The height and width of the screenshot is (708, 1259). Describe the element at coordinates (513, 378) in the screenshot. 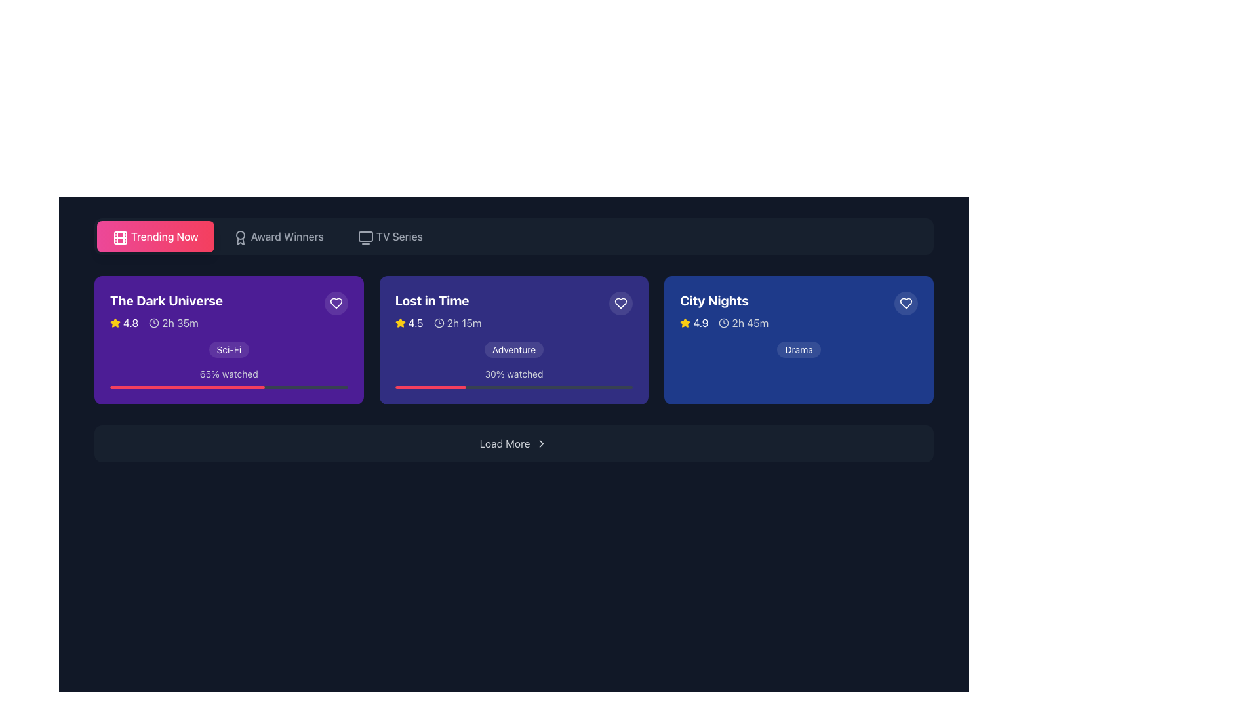

I see `information displayed in the text element that shows '30% watched' located at the bottom of the 'Lost in Time' card, above the progress bar` at that location.